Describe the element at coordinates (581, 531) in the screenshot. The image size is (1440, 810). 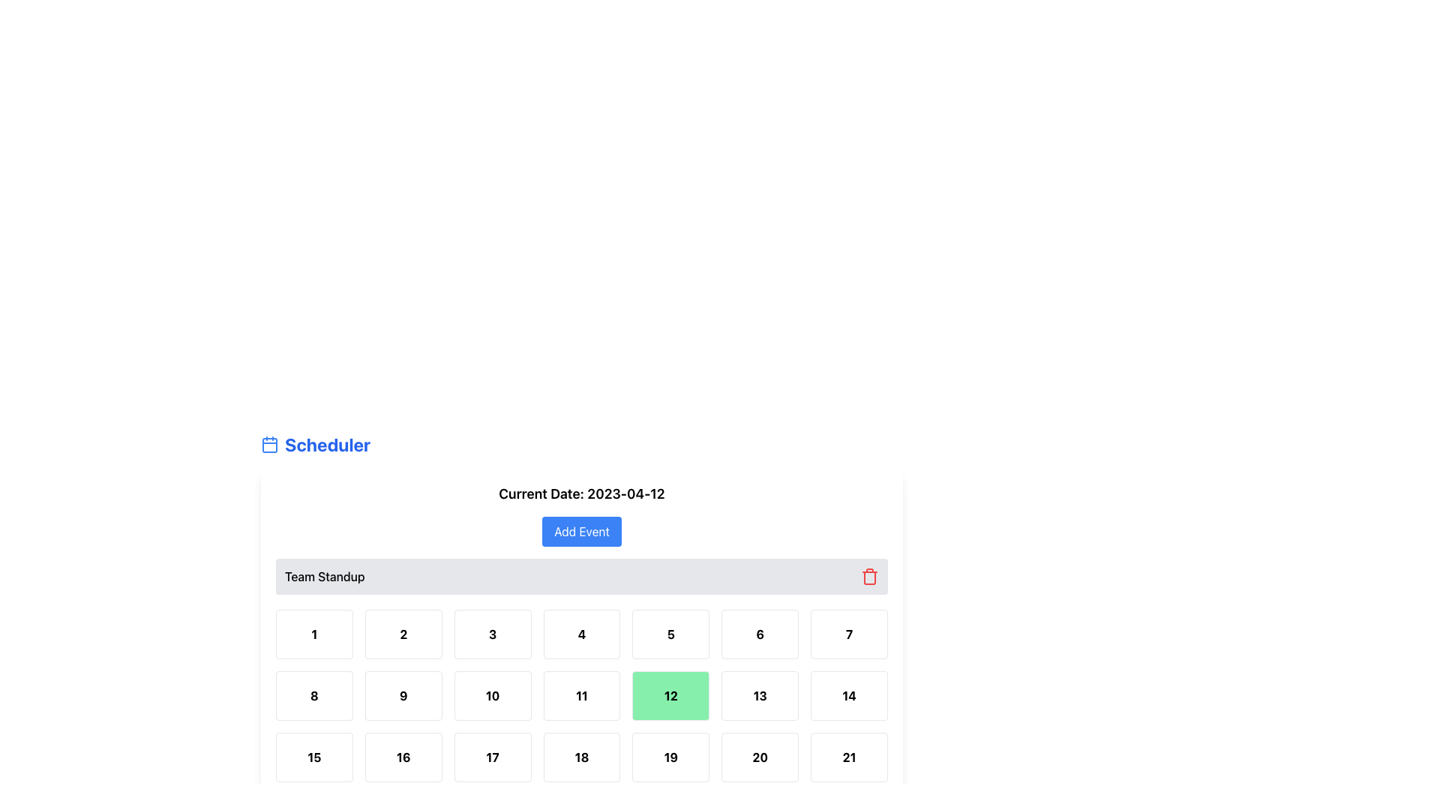
I see `the sky-blue button labeled 'Add Event' to observe potential visual feedback` at that location.